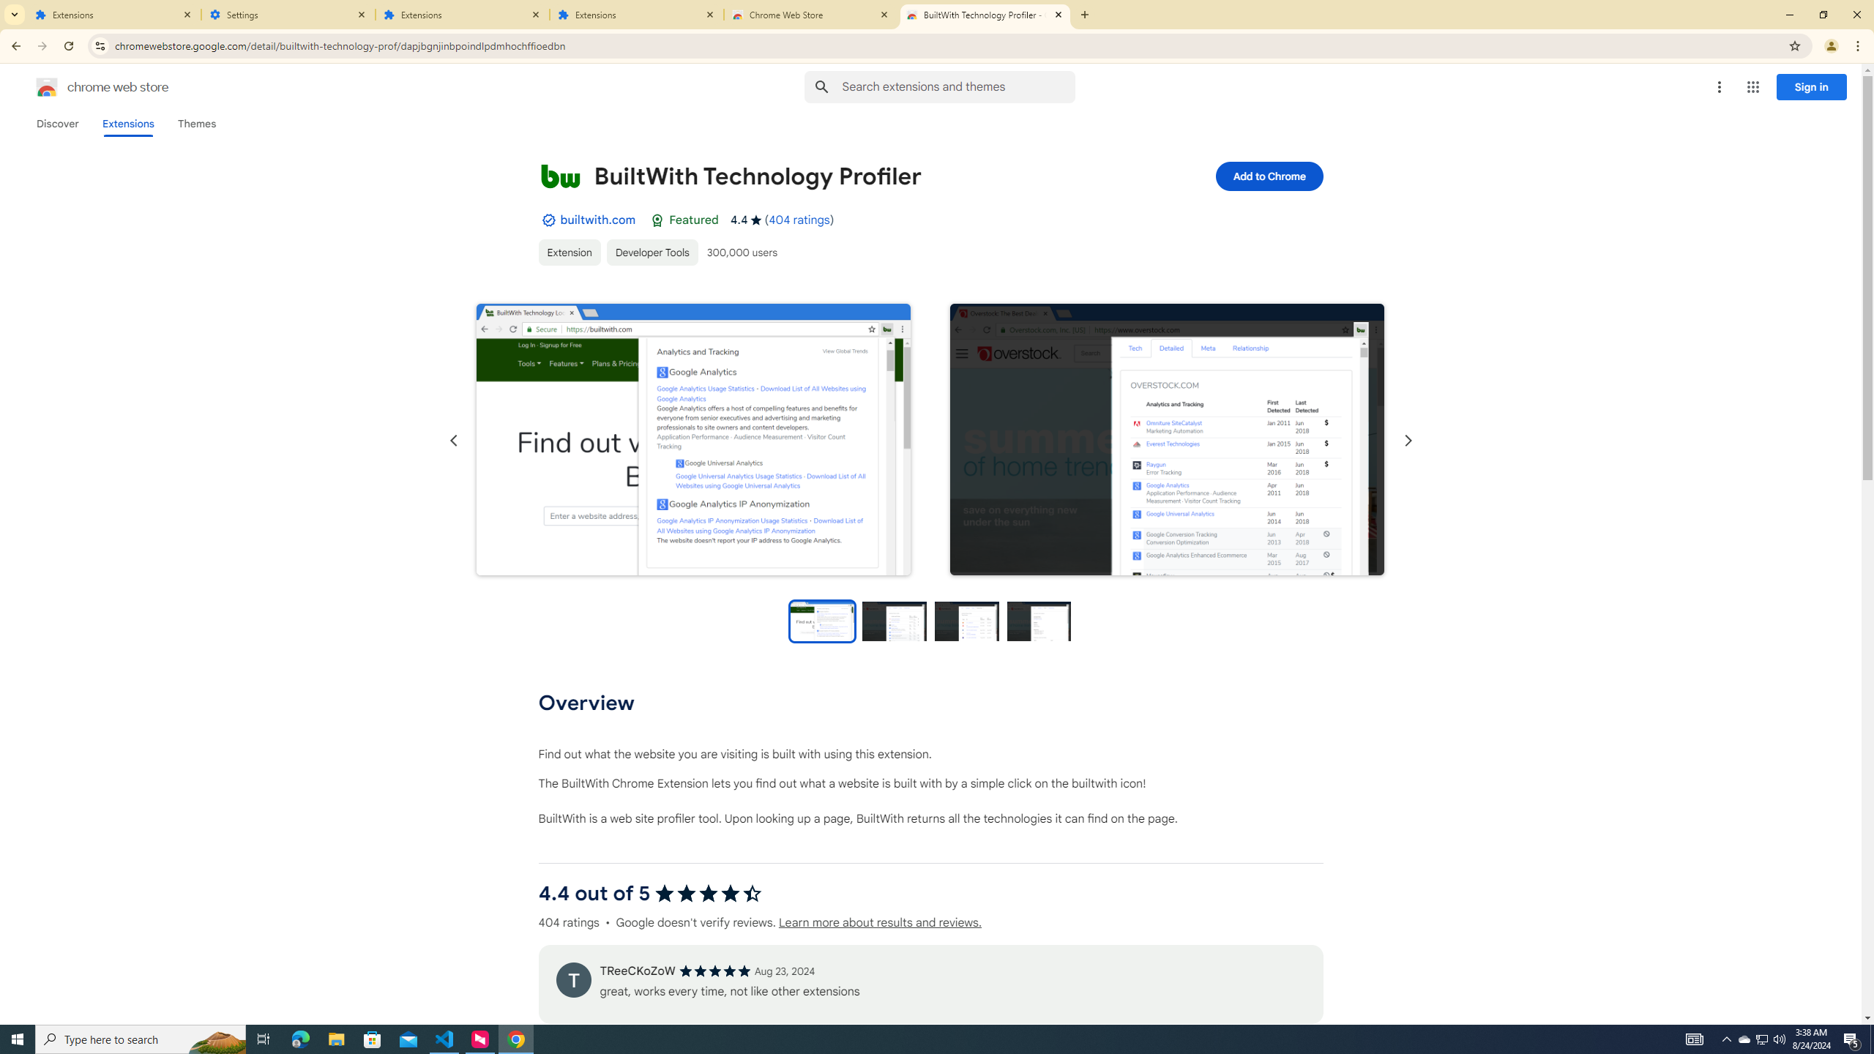 The width and height of the screenshot is (1874, 1054). Describe the element at coordinates (572, 979) in the screenshot. I see `'Review'` at that location.